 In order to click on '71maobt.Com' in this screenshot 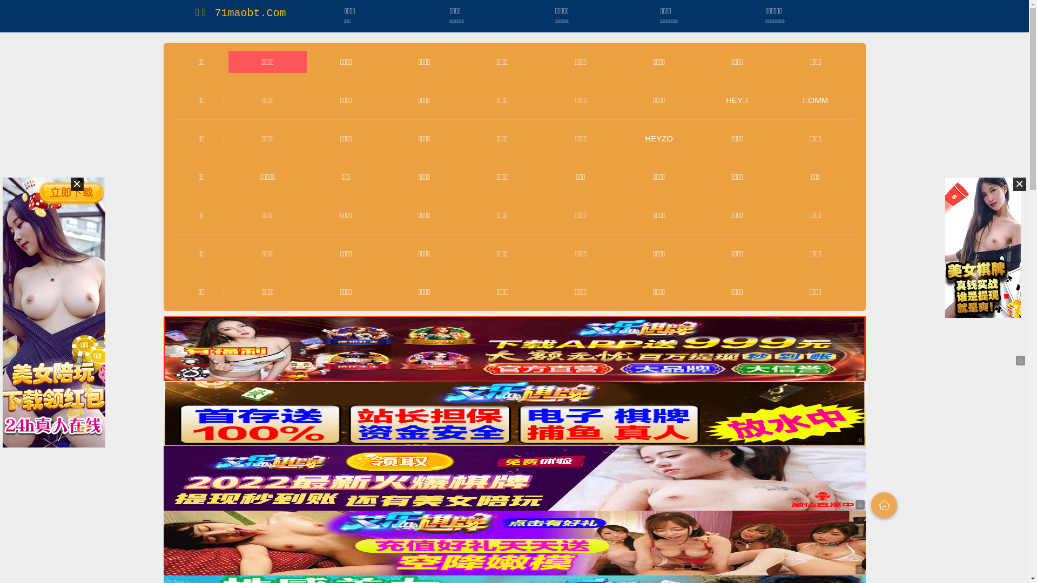, I will do `click(249, 13)`.